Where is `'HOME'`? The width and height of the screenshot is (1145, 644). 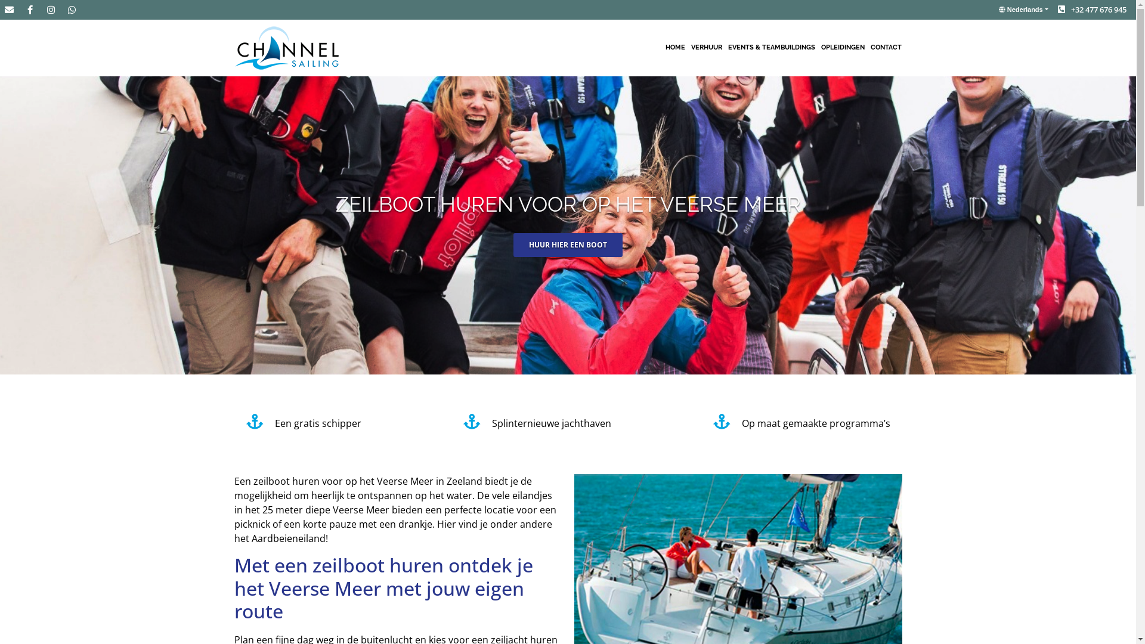 'HOME' is located at coordinates (675, 47).